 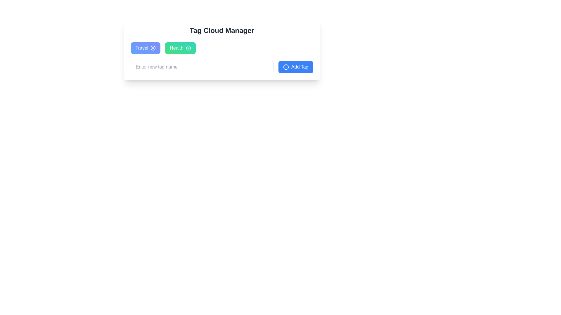 I want to click on the circular icon within the blue 'Travel' tag, so click(x=153, y=48).